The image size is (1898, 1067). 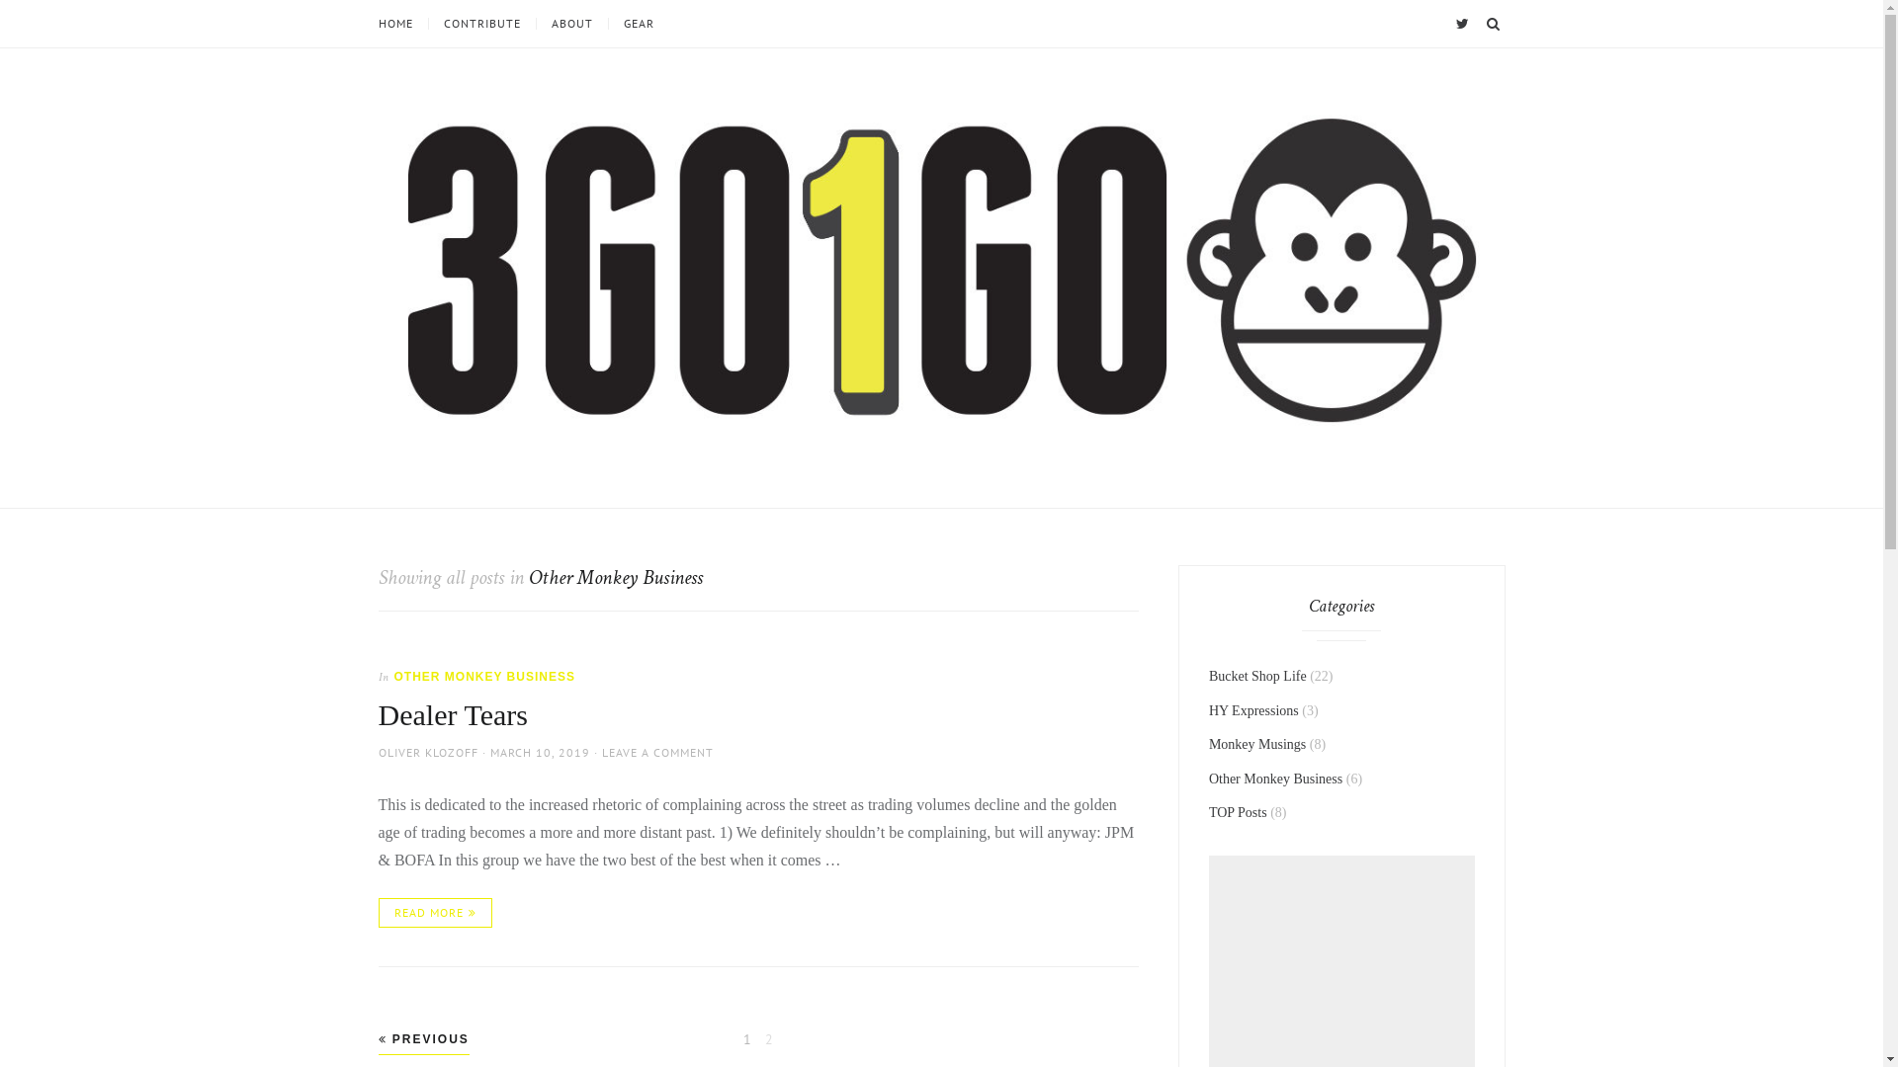 What do you see at coordinates (540, 752) in the screenshot?
I see `'MARCH 10, 2019'` at bounding box center [540, 752].